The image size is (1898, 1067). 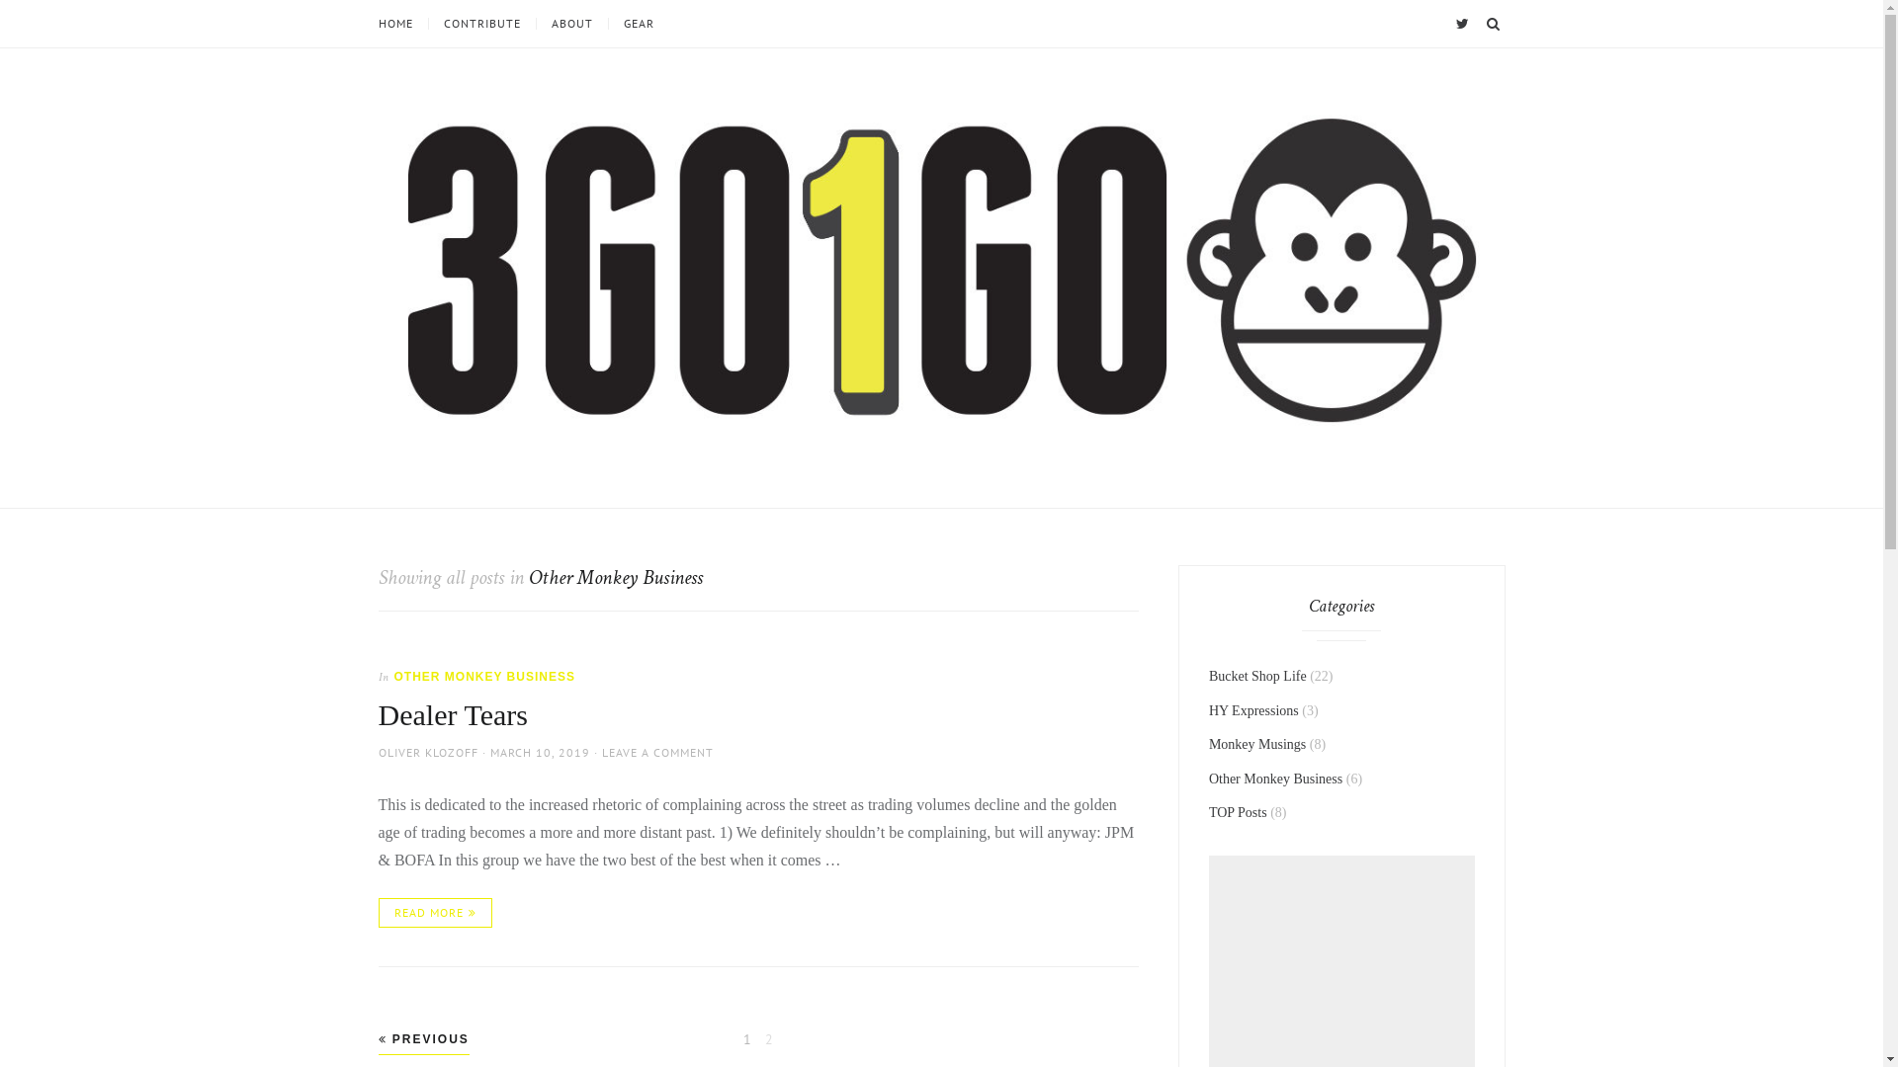 What do you see at coordinates (540, 752) in the screenshot?
I see `'MARCH 10, 2019'` at bounding box center [540, 752].